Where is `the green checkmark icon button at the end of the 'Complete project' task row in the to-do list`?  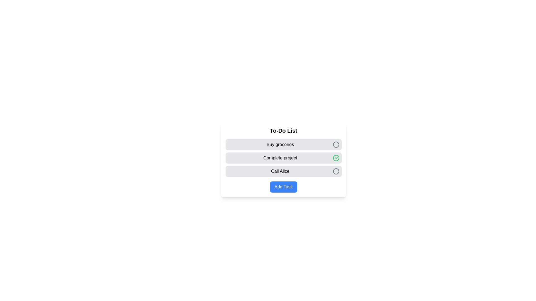 the green checkmark icon button at the end of the 'Complete project' task row in the to-do list is located at coordinates (336, 158).